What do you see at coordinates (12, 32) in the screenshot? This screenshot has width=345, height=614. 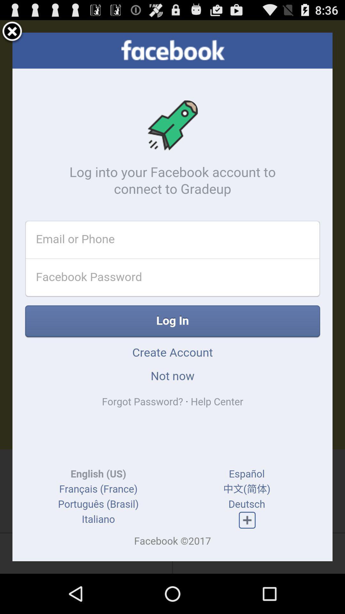 I see `leave the facebook app` at bounding box center [12, 32].